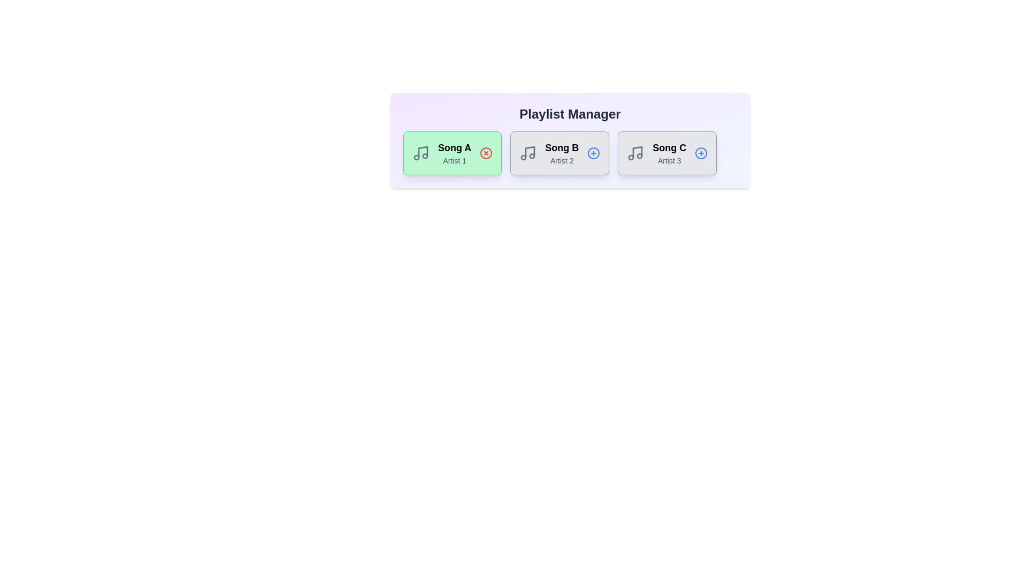  I want to click on the song card for Song B to observe the hover effect, so click(559, 153).